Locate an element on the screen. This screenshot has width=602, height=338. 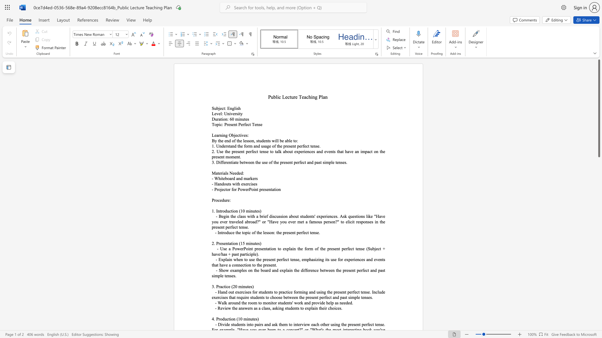
the subset text "us person?" within the text "- Begin the class with a brief discussion about students" is located at coordinates (318, 221).